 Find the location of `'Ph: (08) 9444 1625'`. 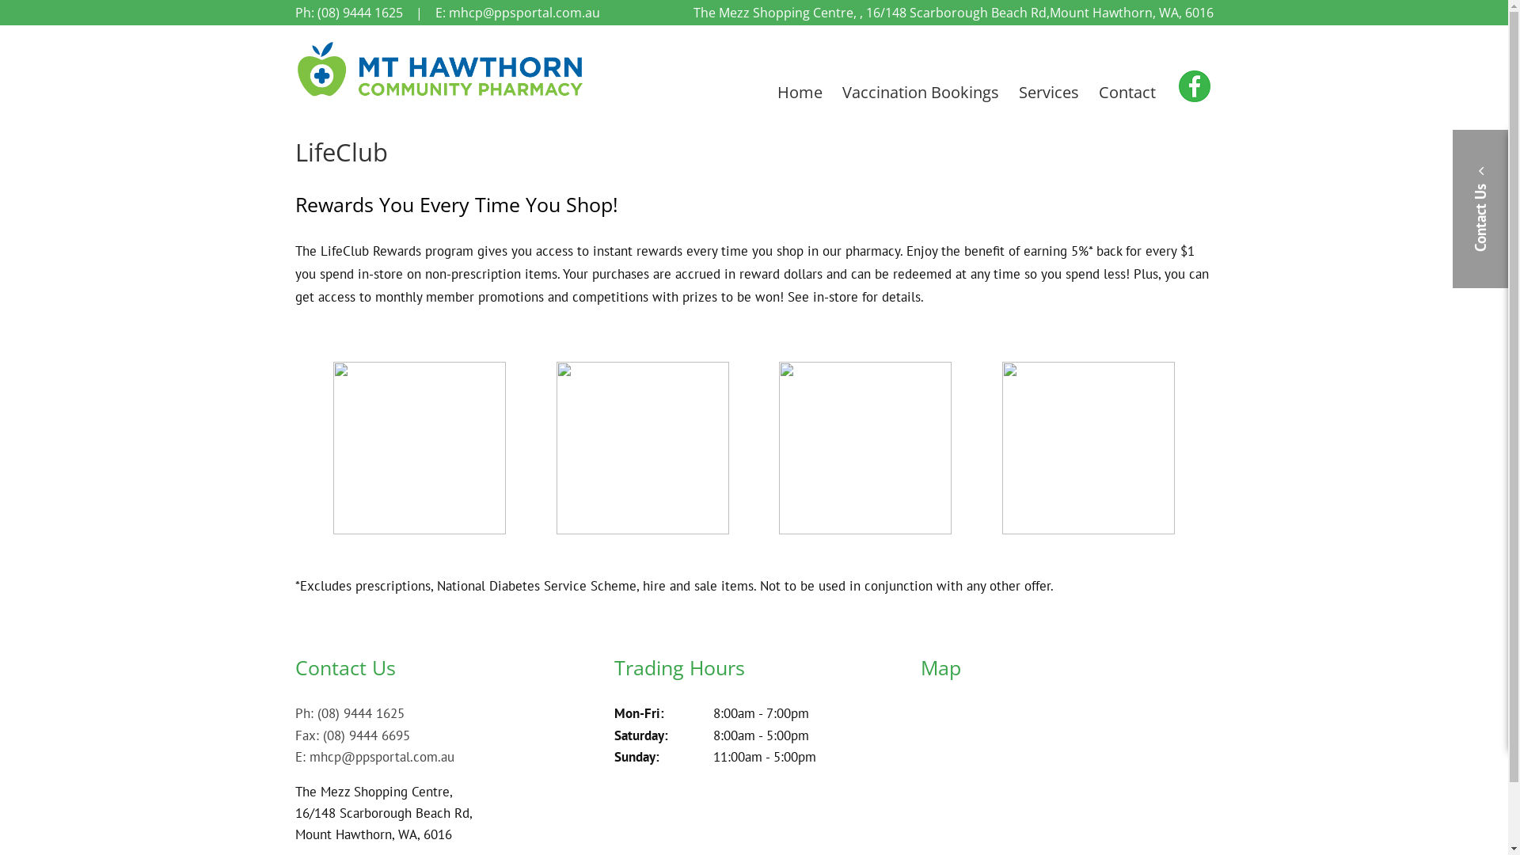

'Ph: (08) 9444 1625' is located at coordinates (294, 12).